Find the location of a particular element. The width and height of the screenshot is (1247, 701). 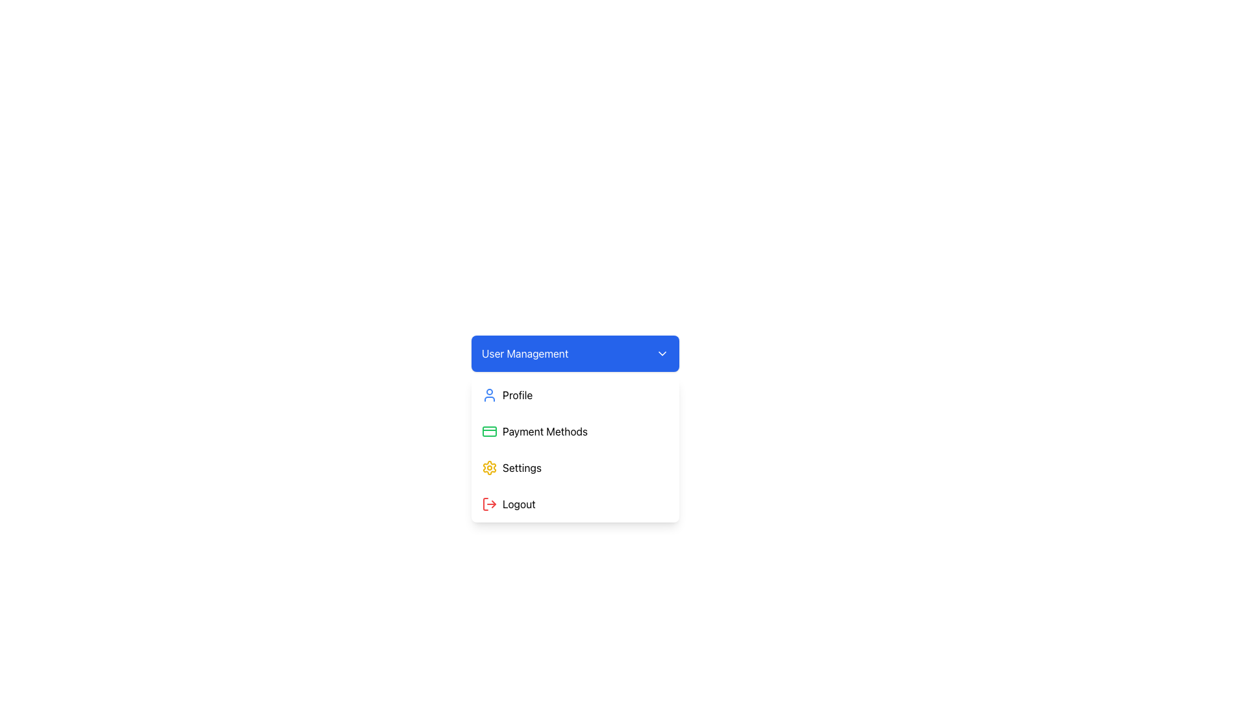

the logout button located at the bottom of the 'User Management' dropdown menu is located at coordinates (518, 503).